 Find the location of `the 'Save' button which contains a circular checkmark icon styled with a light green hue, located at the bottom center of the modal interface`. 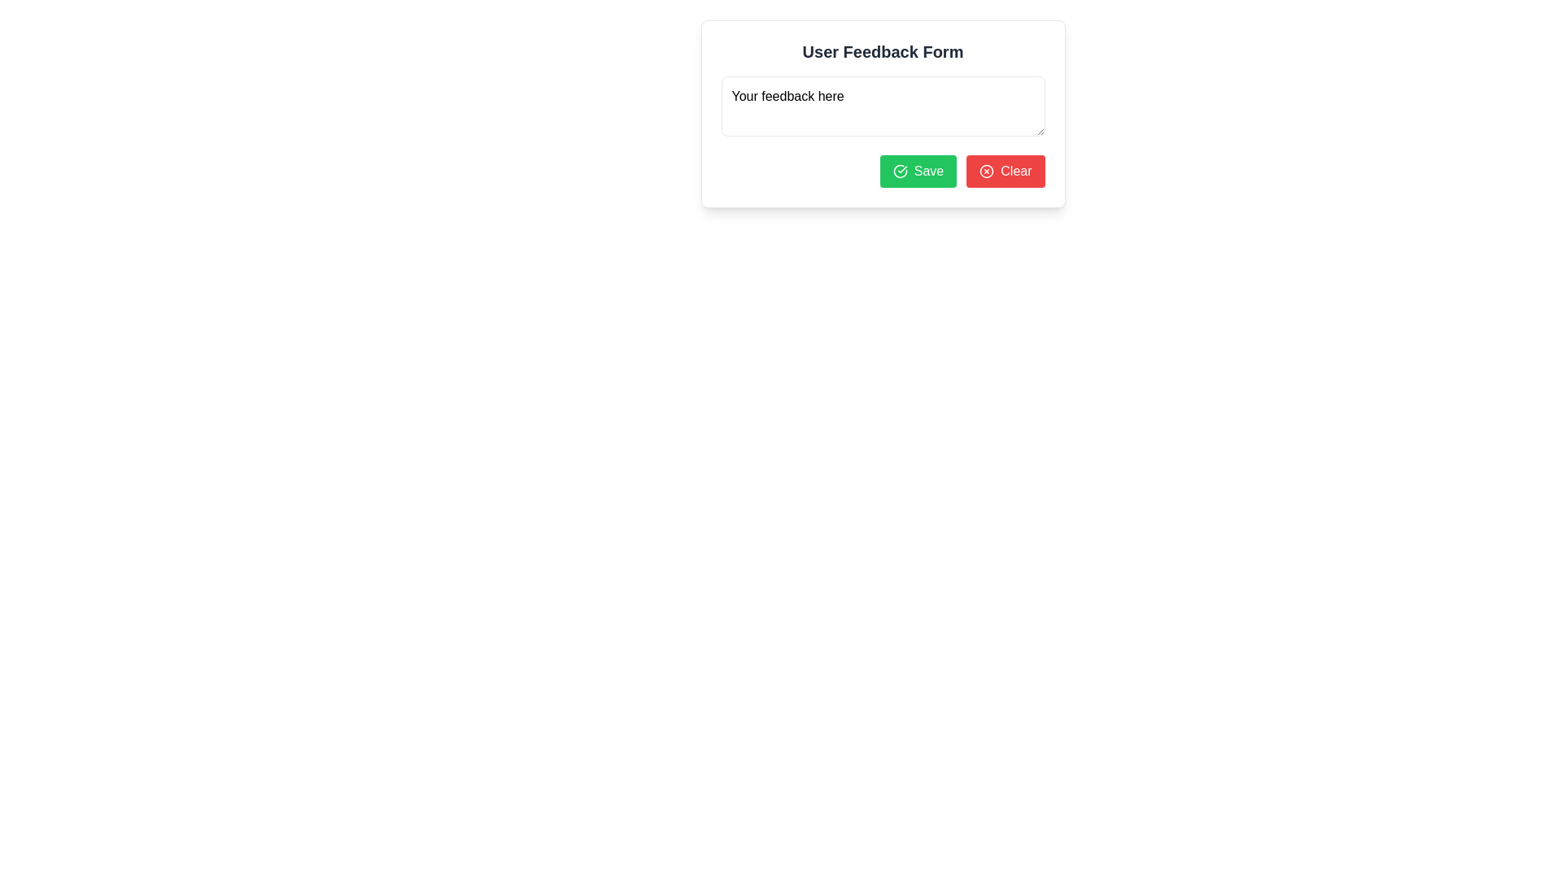

the 'Save' button which contains a circular checkmark icon styled with a light green hue, located at the bottom center of the modal interface is located at coordinates (899, 172).